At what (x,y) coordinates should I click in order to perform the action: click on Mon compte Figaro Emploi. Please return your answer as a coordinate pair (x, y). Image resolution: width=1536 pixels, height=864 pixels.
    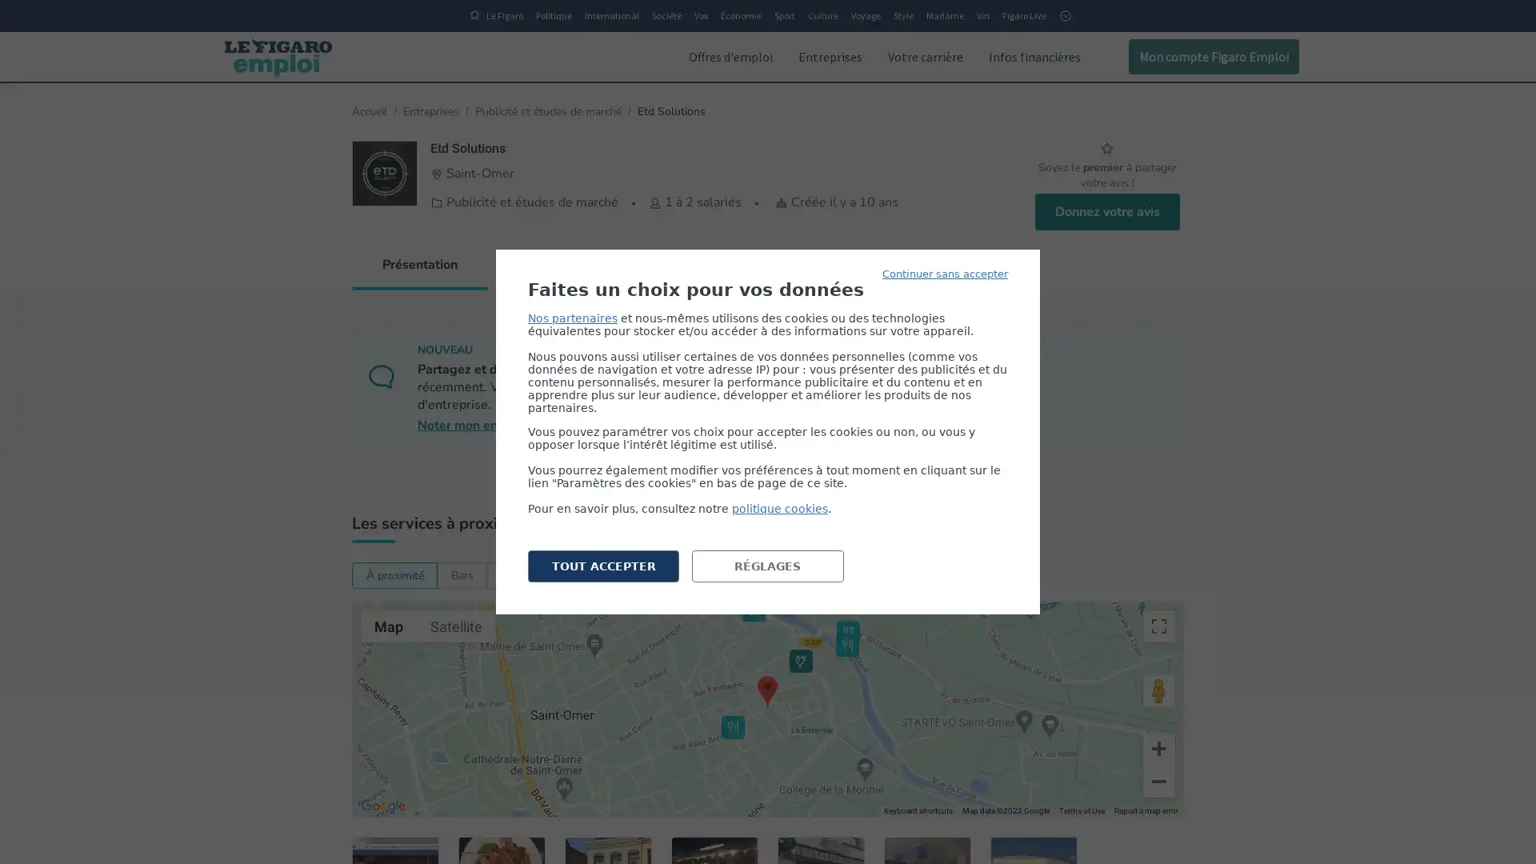
    Looking at the image, I should click on (1214, 55).